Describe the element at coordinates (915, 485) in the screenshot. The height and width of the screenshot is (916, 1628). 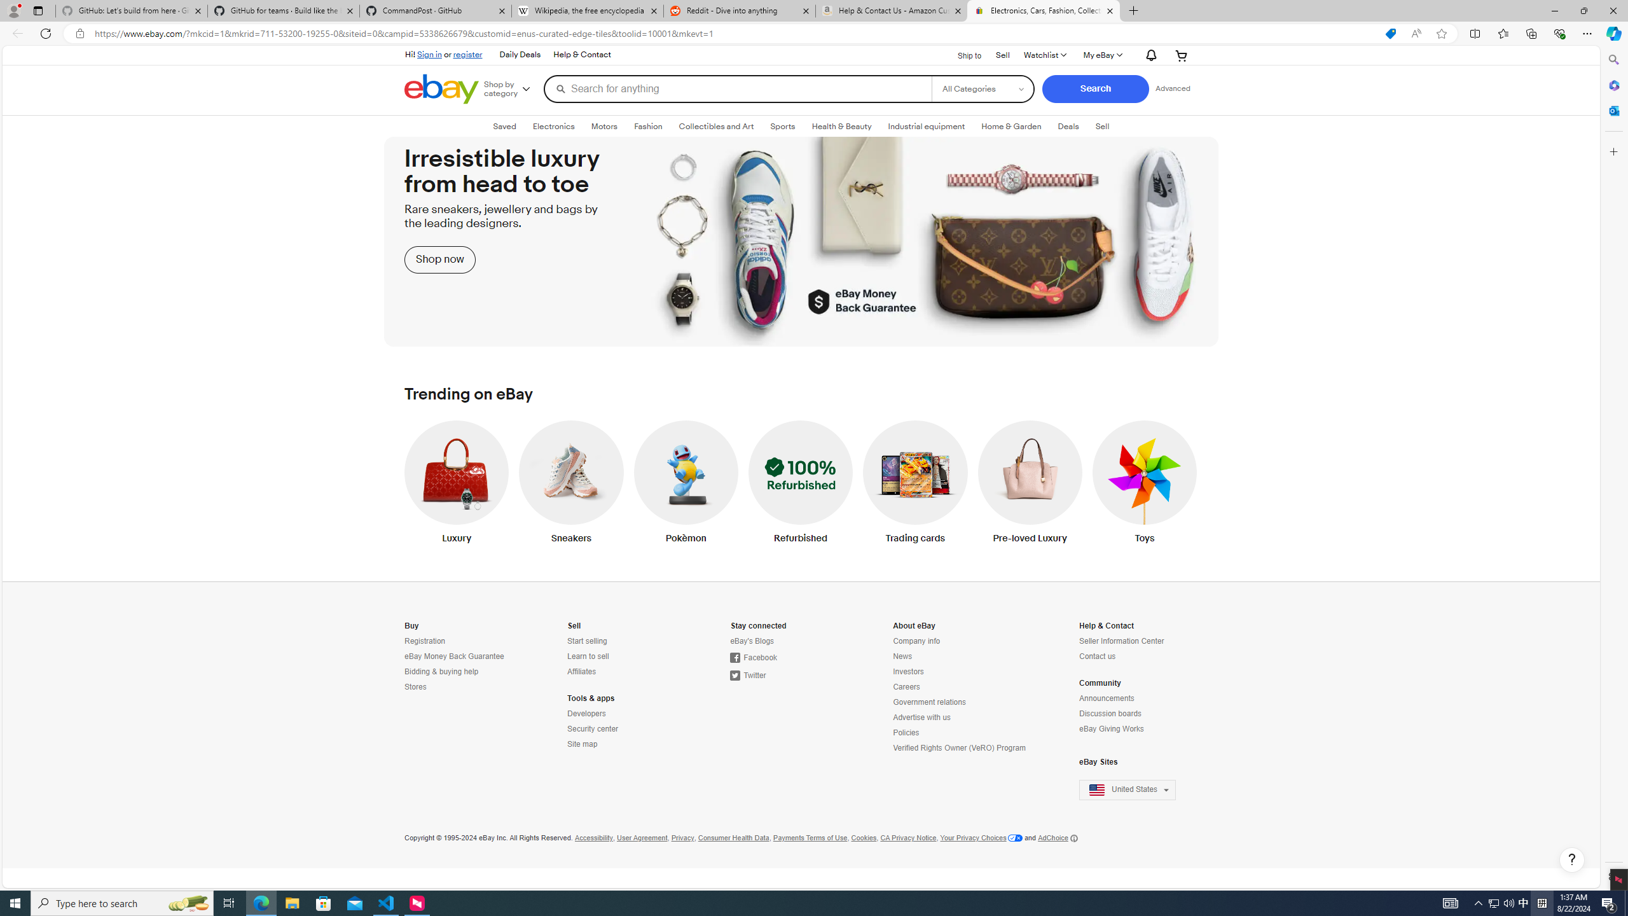
I see `'Trading cards'` at that location.